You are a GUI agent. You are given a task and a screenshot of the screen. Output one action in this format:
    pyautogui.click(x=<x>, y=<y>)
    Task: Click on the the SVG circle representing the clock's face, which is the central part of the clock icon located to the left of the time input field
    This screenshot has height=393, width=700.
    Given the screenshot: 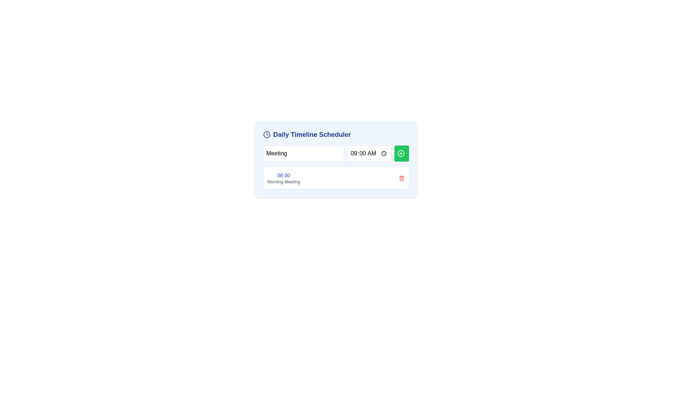 What is the action you would take?
    pyautogui.click(x=266, y=135)
    